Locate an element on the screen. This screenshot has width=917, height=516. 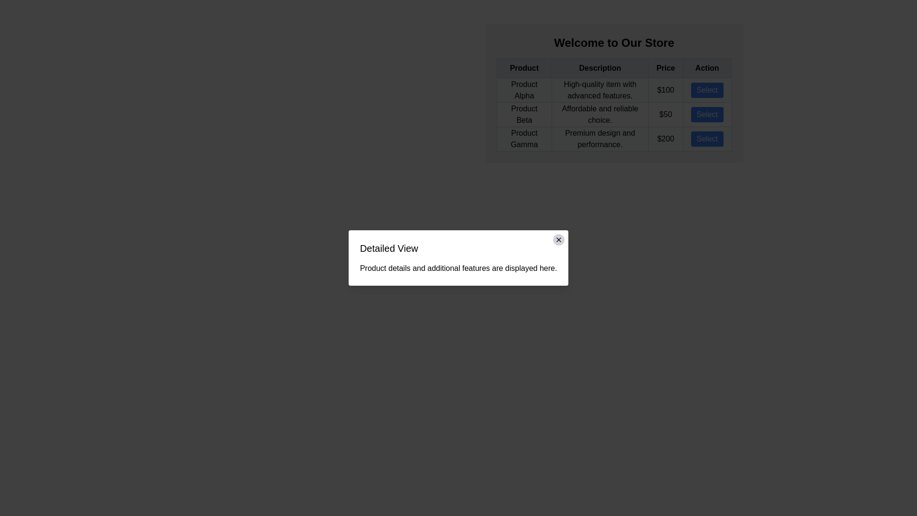
text element displaying the price '$50' located in the third column 'Price' and second row of the table is located at coordinates (665, 114).